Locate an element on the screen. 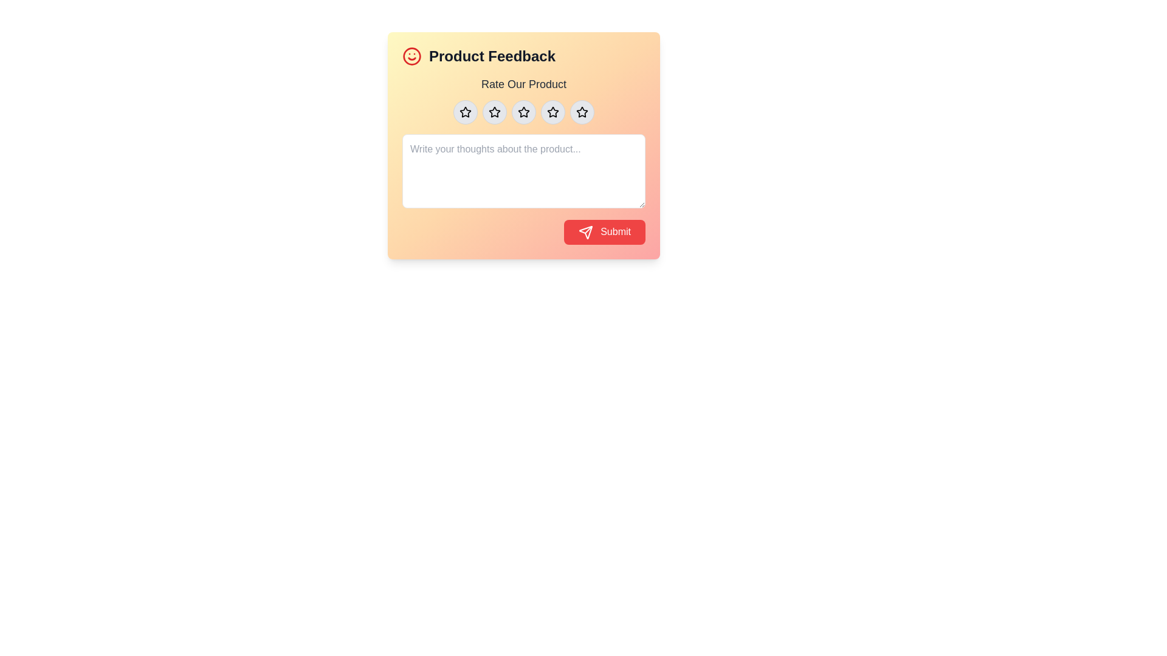  the fourth circular rating button with a light gray background and an outlined star icon, located below the text 'Rate Our Product' is located at coordinates (553, 112).